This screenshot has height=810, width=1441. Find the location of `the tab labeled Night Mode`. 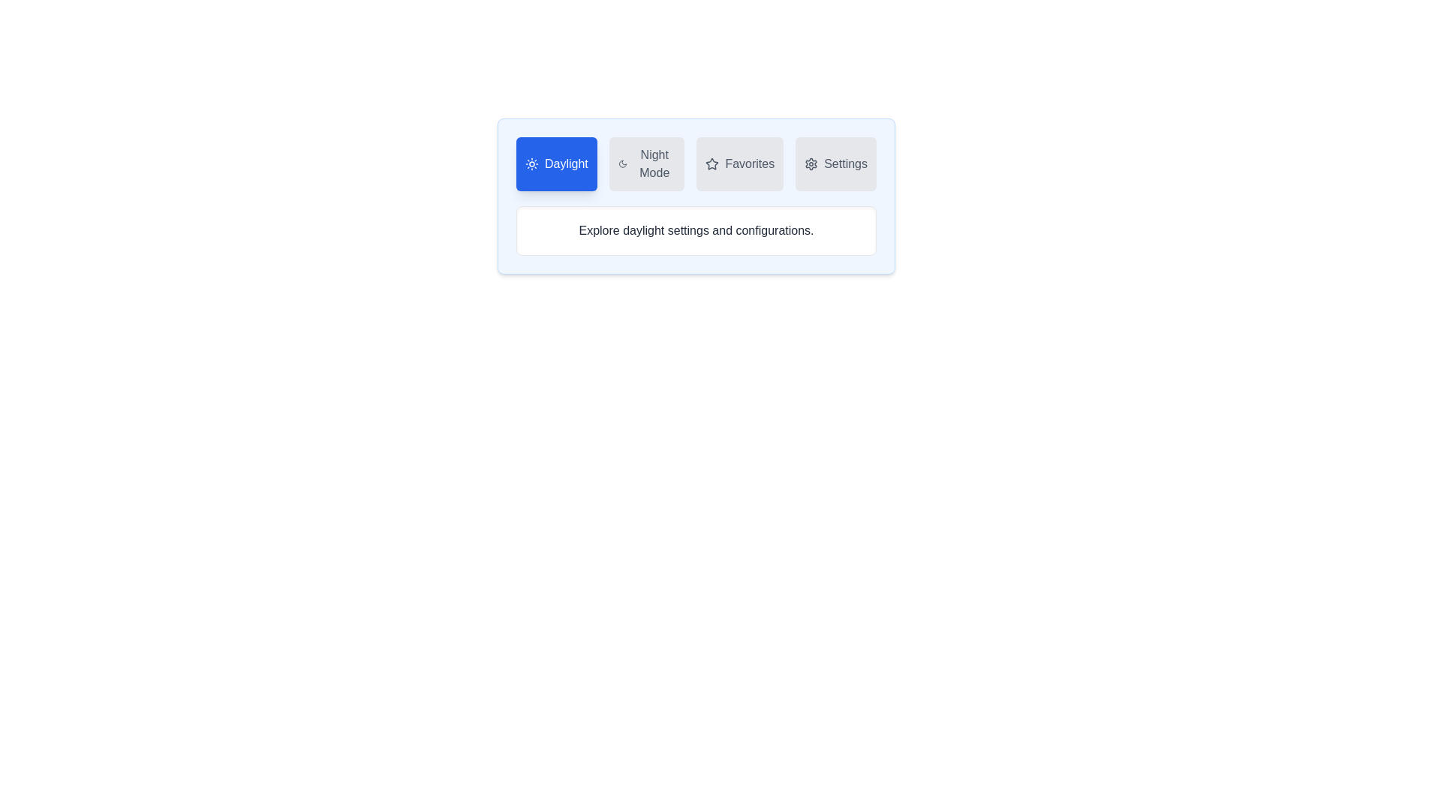

the tab labeled Night Mode is located at coordinates (647, 164).